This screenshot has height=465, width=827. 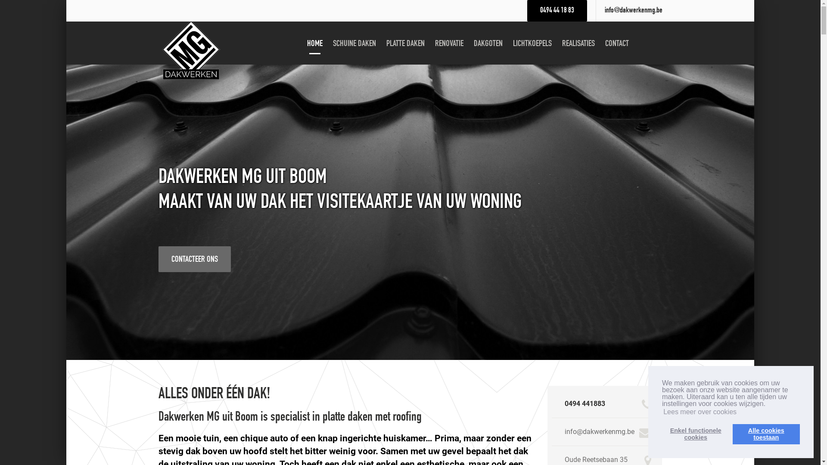 What do you see at coordinates (557, 10) in the screenshot?
I see `'0494 44 18 83'` at bounding box center [557, 10].